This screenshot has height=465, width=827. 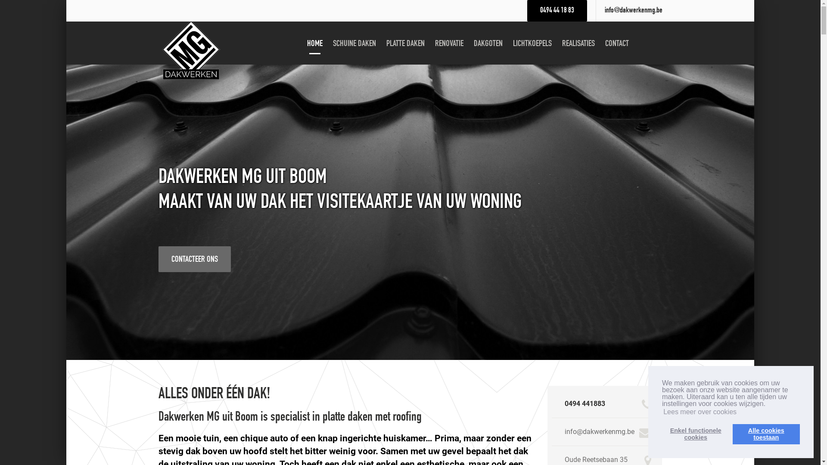 What do you see at coordinates (557, 10) in the screenshot?
I see `'0494 44 18 83'` at bounding box center [557, 10].